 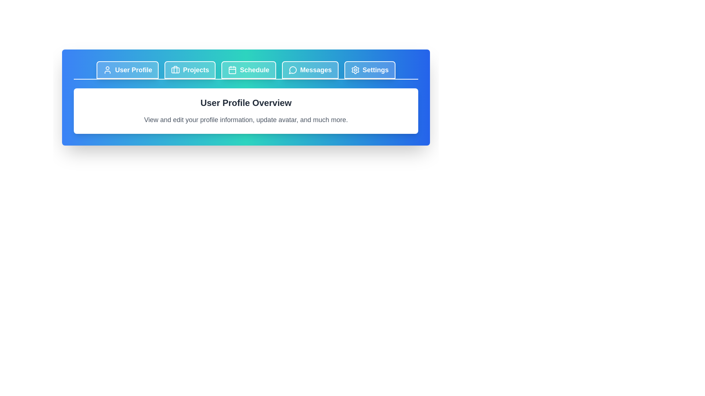 What do you see at coordinates (175, 70) in the screenshot?
I see `the rectangular base of the briefcase icon representing the 'Projects' section in the navigation bar` at bounding box center [175, 70].